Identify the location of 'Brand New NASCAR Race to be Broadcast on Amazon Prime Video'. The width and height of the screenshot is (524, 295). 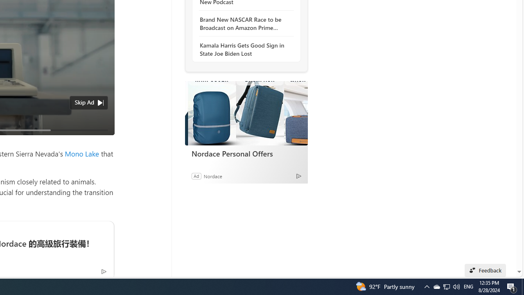
(244, 23).